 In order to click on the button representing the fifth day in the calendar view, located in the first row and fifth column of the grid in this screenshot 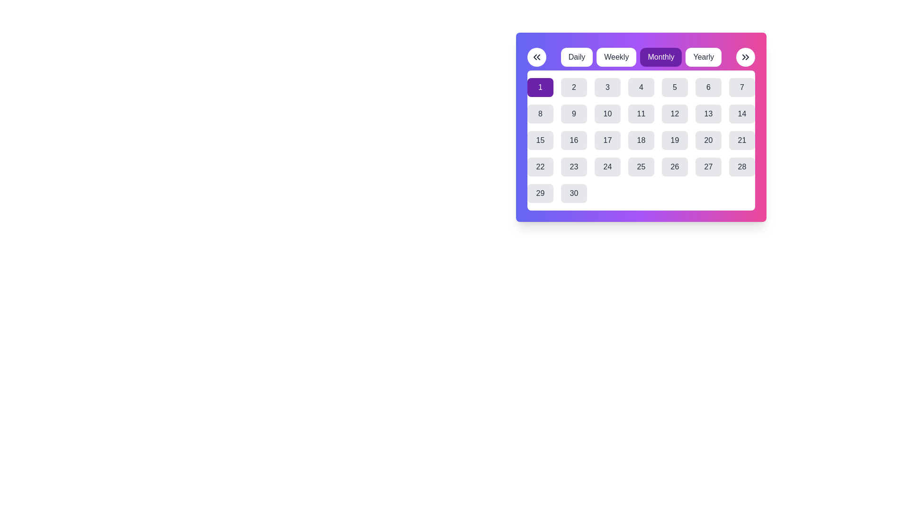, I will do `click(674, 88)`.